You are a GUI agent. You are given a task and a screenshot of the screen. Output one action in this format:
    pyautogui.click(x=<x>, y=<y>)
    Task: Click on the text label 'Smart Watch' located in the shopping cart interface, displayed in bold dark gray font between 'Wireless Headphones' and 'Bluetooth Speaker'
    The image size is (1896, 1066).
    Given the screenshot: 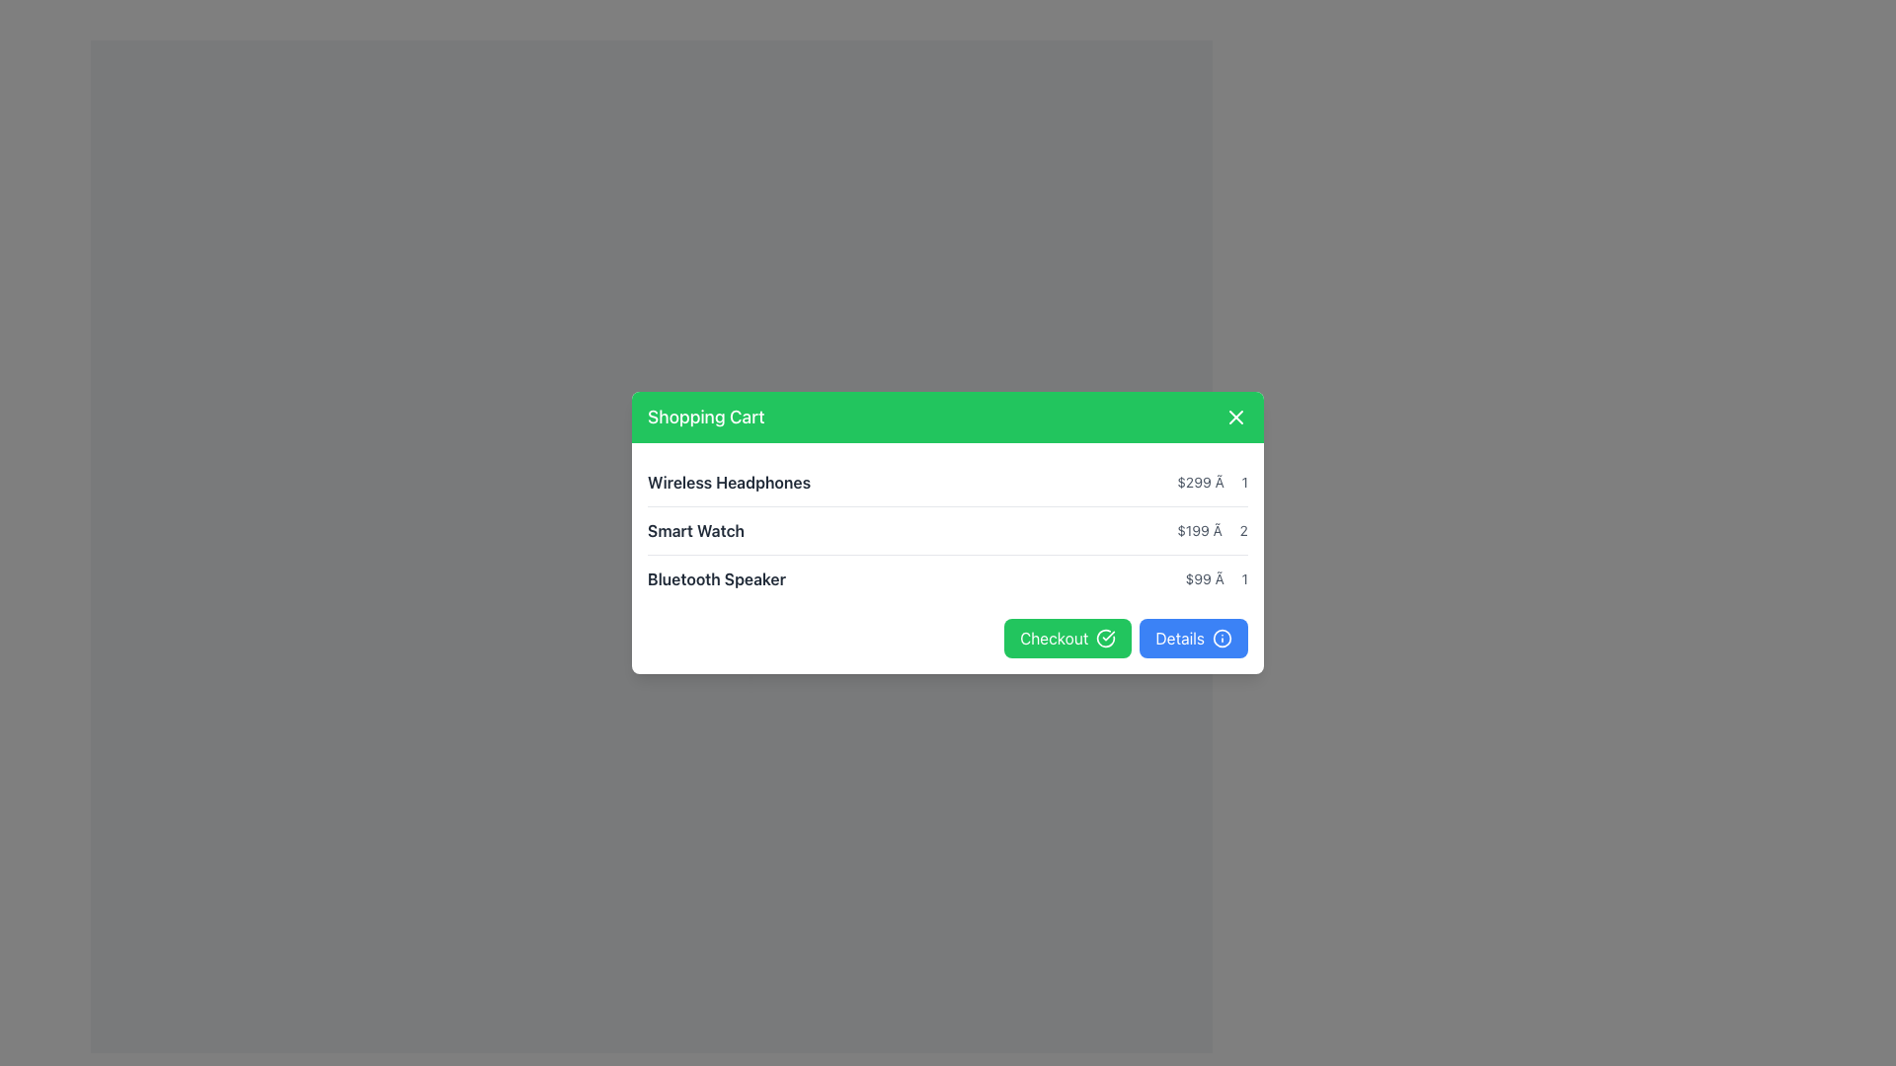 What is the action you would take?
    pyautogui.click(x=696, y=529)
    